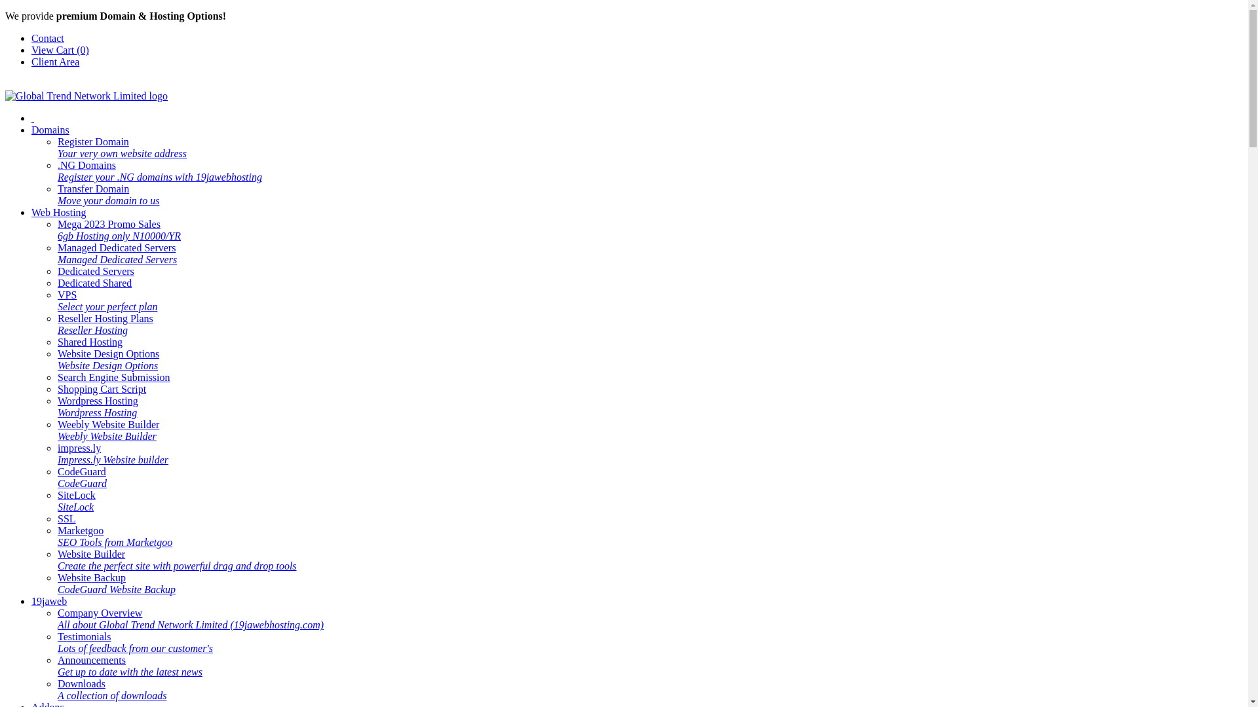 This screenshot has height=707, width=1258. What do you see at coordinates (75, 501) in the screenshot?
I see `'SiteLock` at bounding box center [75, 501].